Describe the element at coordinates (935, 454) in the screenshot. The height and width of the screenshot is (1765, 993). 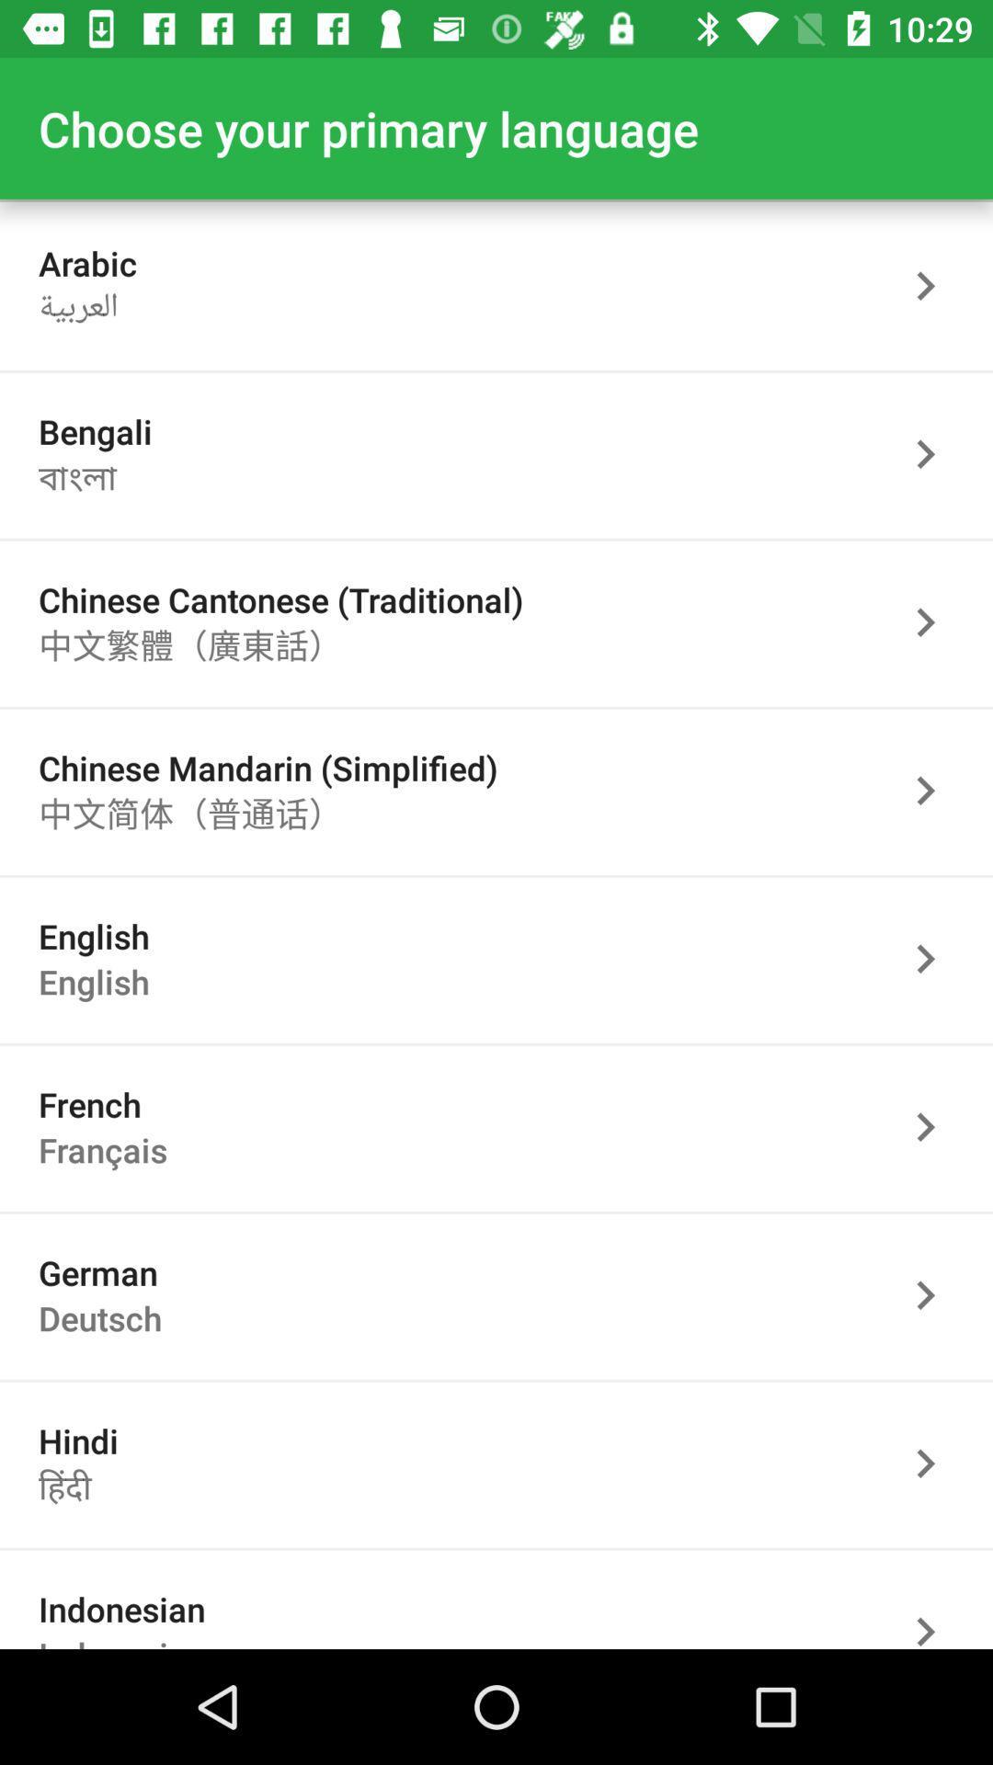
I see `go next` at that location.